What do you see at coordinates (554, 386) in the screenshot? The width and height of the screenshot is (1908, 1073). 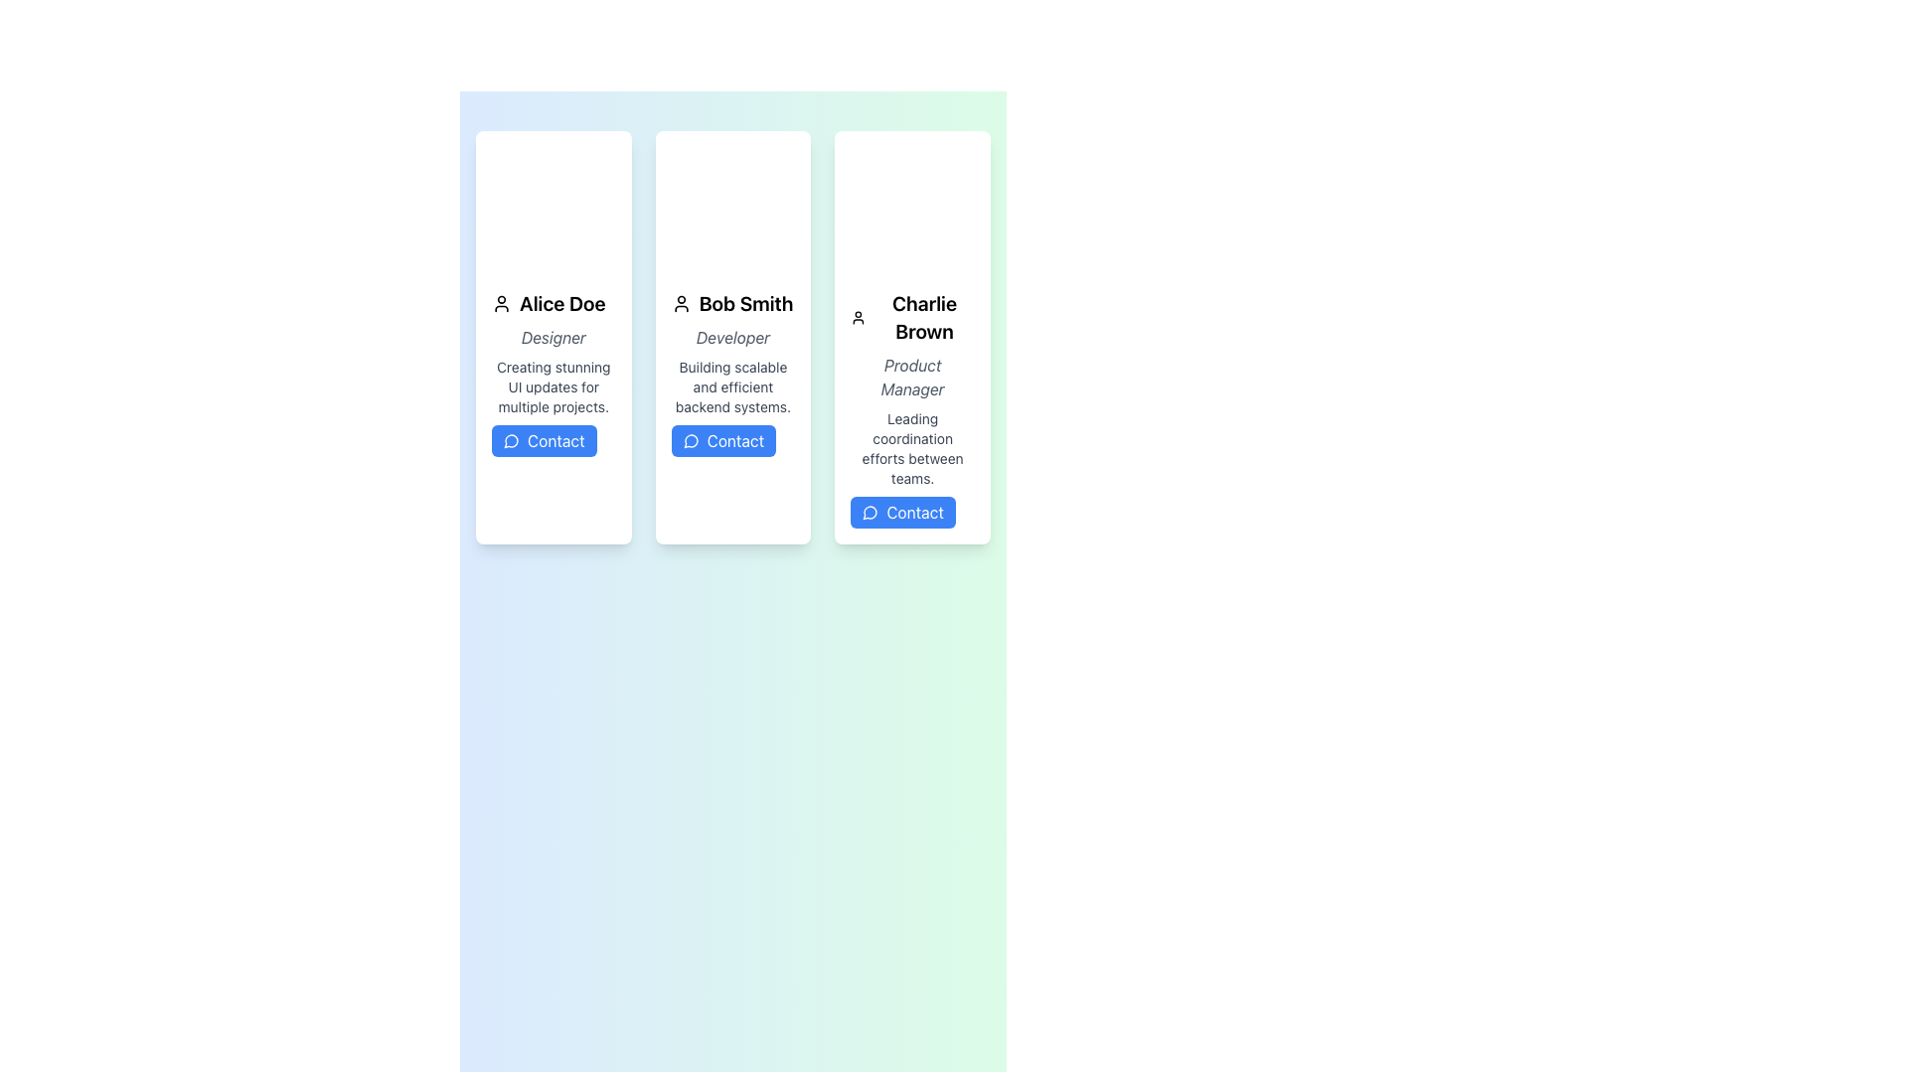 I see `the text field displaying 'Creating stunning UI updates for multiple projects.' which is the third text element in the leftmost card of three horizontally arranged cards` at bounding box center [554, 386].